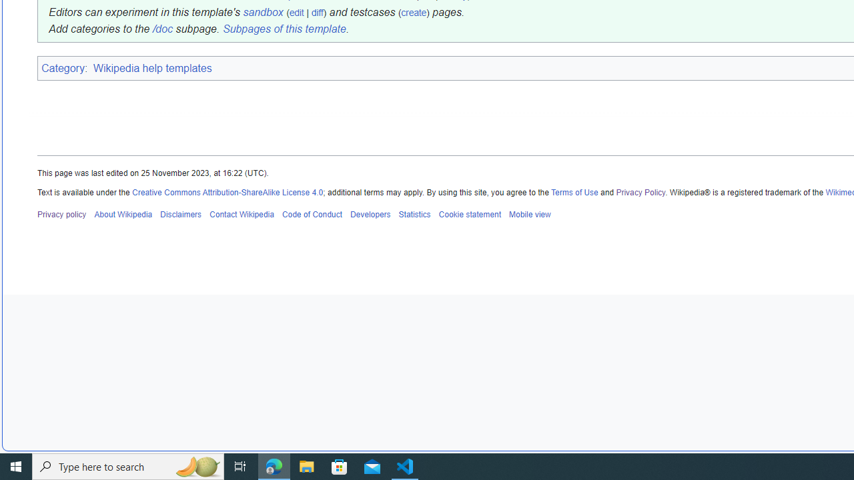 This screenshot has height=480, width=854. I want to click on 'Privacy policy', so click(61, 213).